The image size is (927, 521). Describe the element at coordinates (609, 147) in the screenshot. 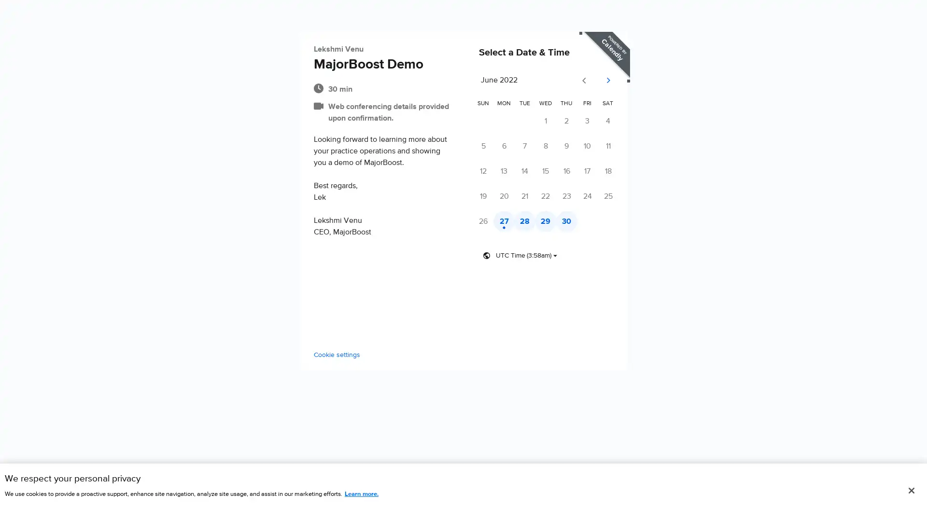

I see `Friday, June 10 - No times available` at that location.